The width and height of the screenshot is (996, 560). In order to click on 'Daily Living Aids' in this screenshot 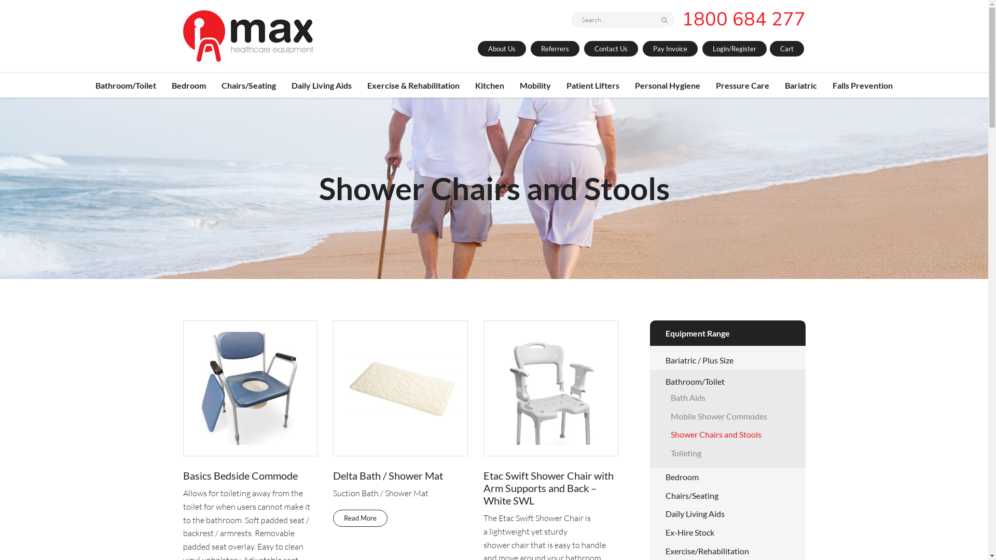, I will do `click(321, 85)`.